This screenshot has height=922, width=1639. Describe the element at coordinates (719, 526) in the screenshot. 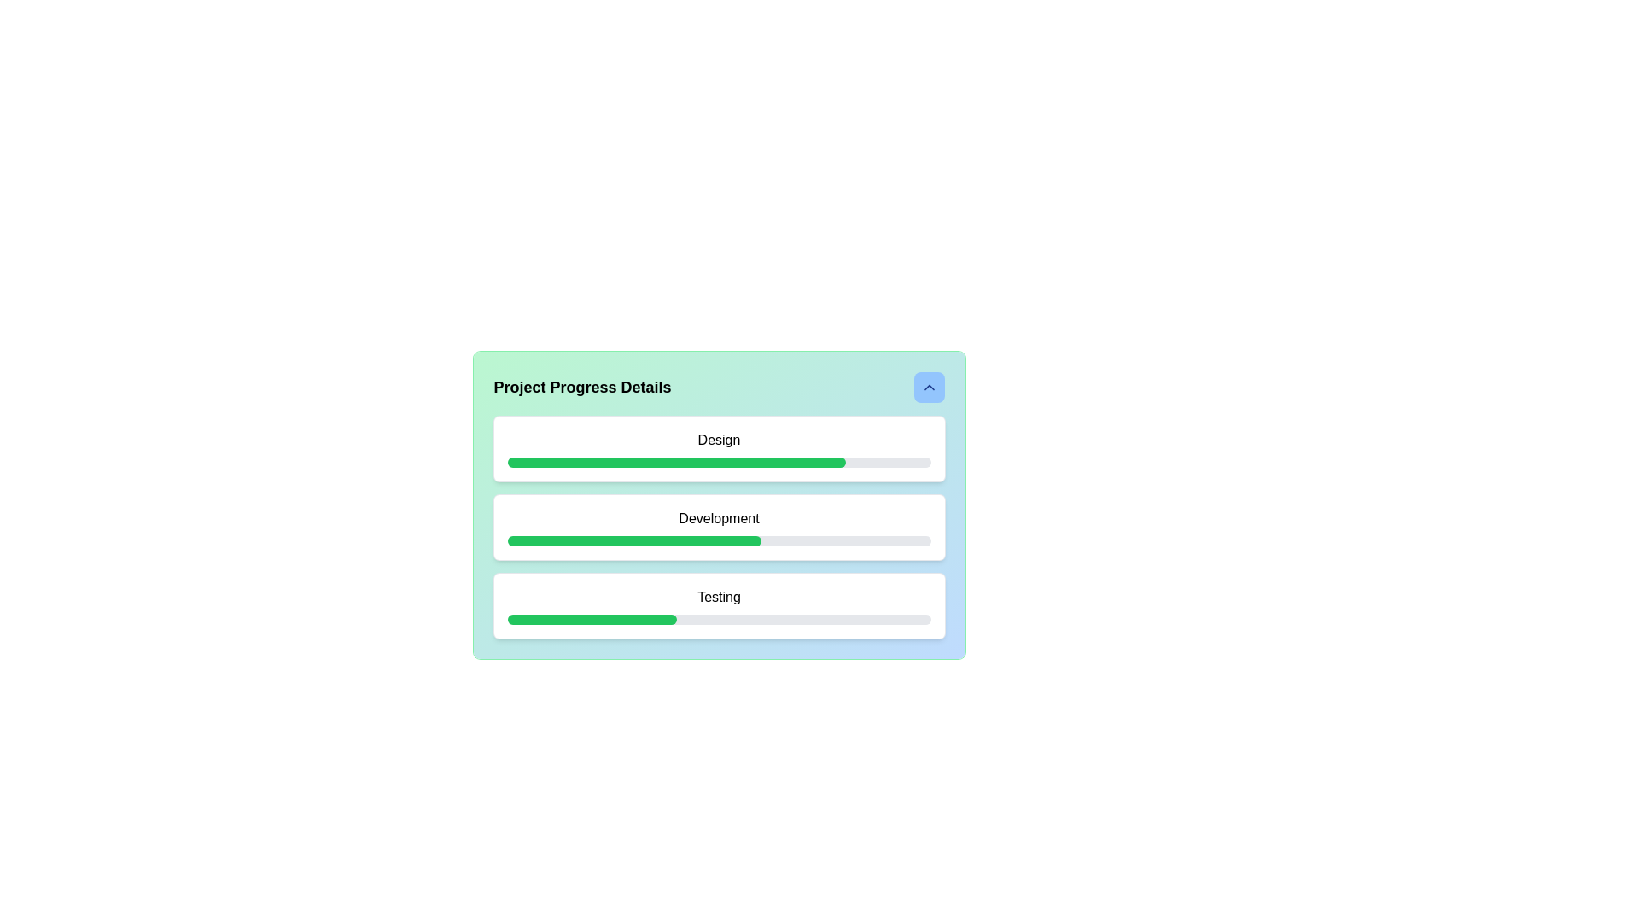

I see `progress levels visually on the grouped informational component labeled 'Project Progress Details' containing the sections 'Design', 'Development', and 'Testing' with progress indicators` at that location.